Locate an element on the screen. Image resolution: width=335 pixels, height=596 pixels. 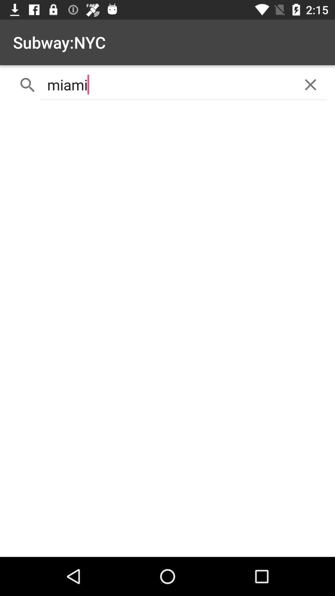
miami icon is located at coordinates (167, 84).